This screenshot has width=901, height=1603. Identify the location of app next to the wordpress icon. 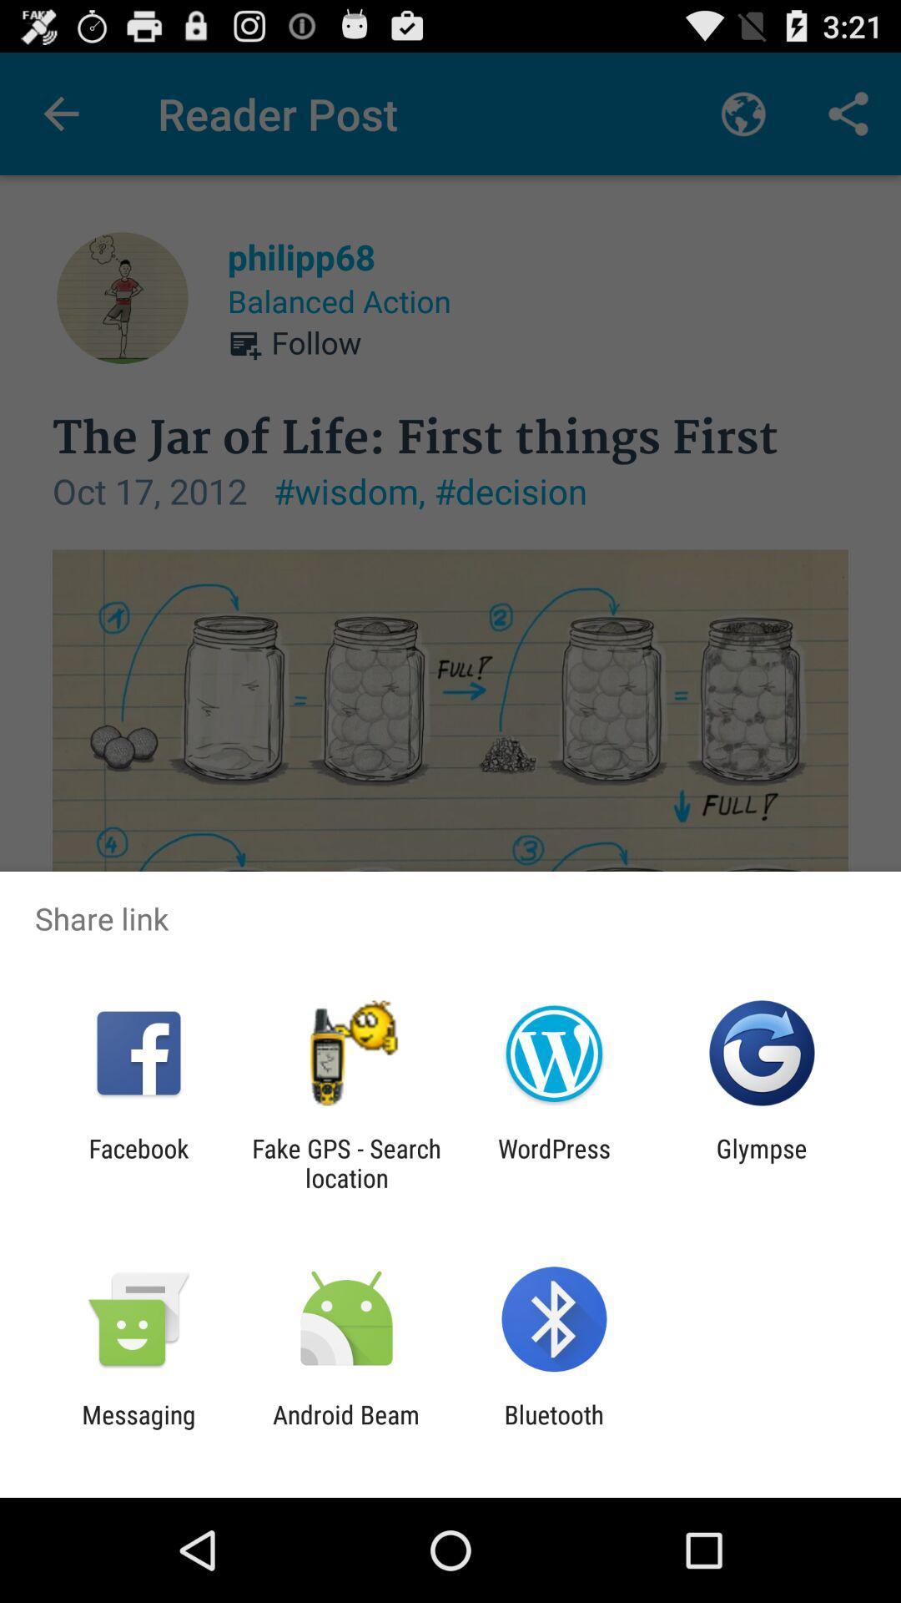
(762, 1162).